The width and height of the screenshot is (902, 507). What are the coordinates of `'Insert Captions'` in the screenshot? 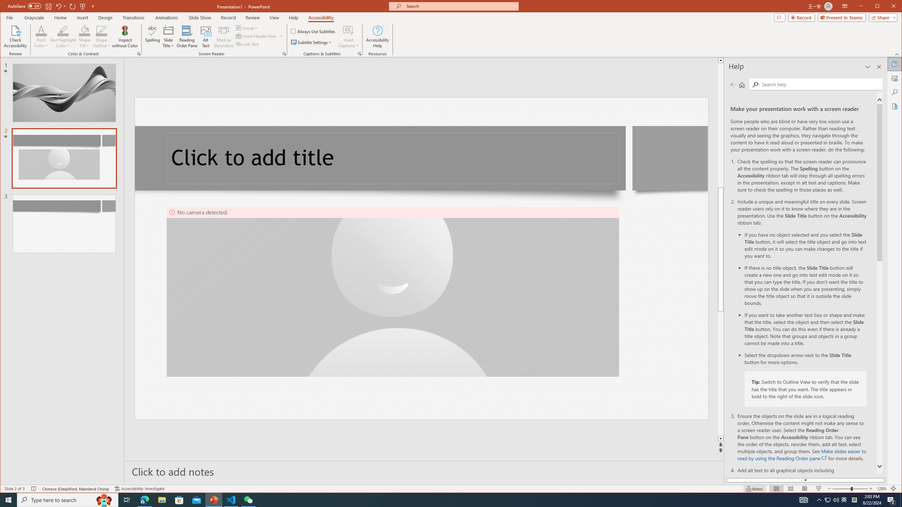 It's located at (348, 30).